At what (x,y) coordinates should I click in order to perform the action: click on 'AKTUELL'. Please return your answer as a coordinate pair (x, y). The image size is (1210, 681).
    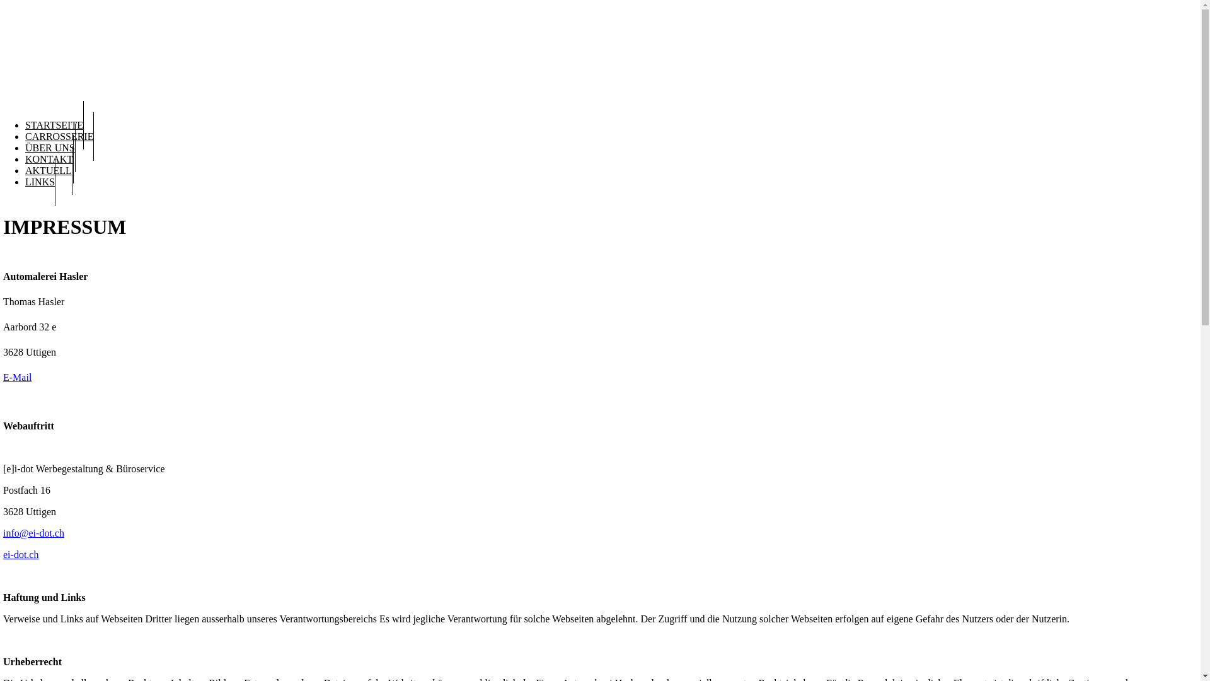
    Looking at the image, I should click on (49, 170).